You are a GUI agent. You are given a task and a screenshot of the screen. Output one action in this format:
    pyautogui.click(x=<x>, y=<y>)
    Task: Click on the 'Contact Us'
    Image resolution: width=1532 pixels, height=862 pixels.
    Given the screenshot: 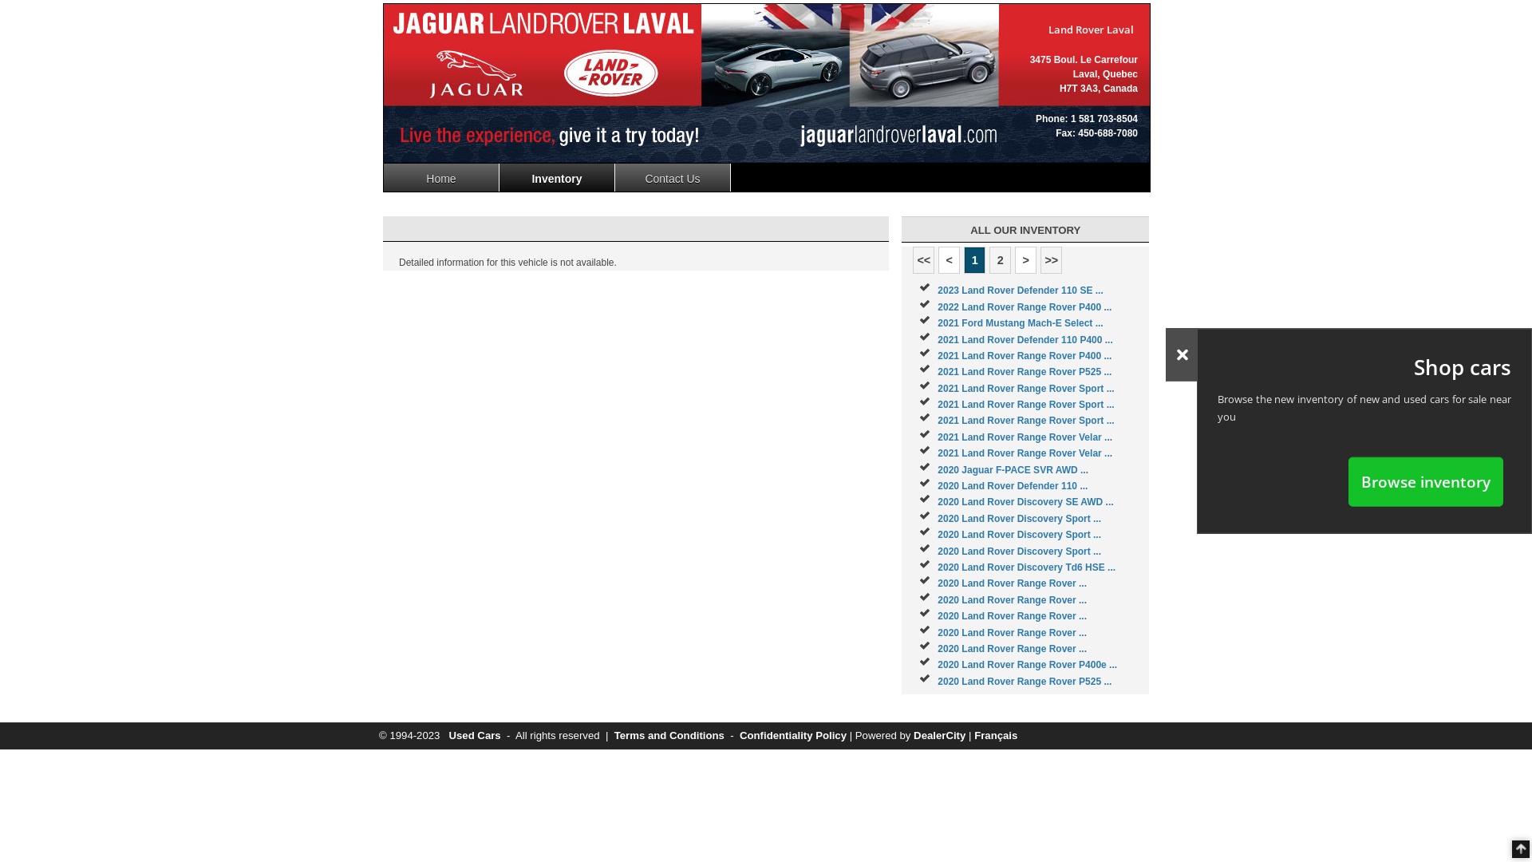 What is the action you would take?
    pyautogui.click(x=614, y=177)
    